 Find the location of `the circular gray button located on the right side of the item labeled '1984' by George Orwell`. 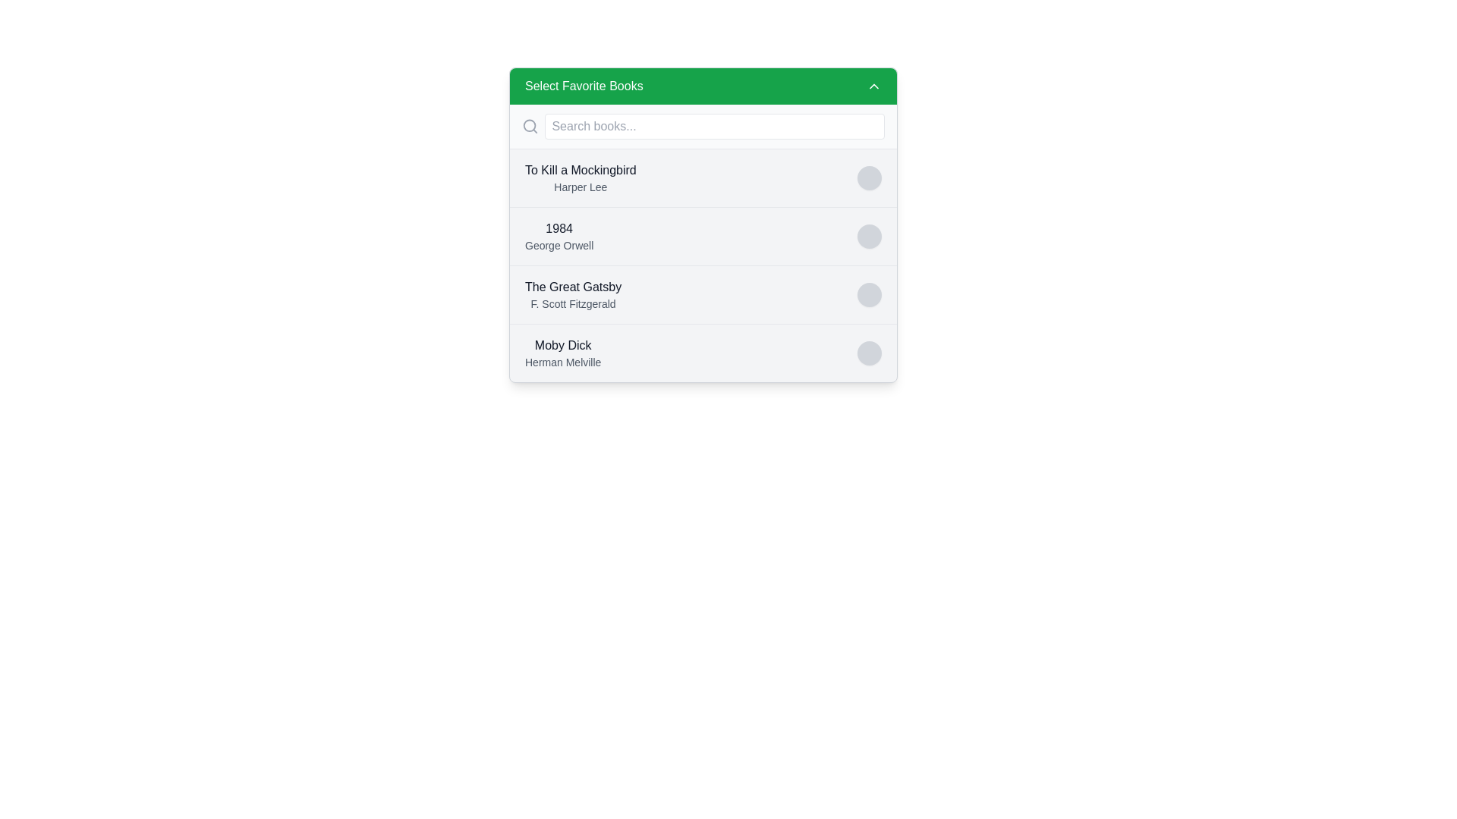

the circular gray button located on the right side of the item labeled '1984' by George Orwell is located at coordinates (870, 237).